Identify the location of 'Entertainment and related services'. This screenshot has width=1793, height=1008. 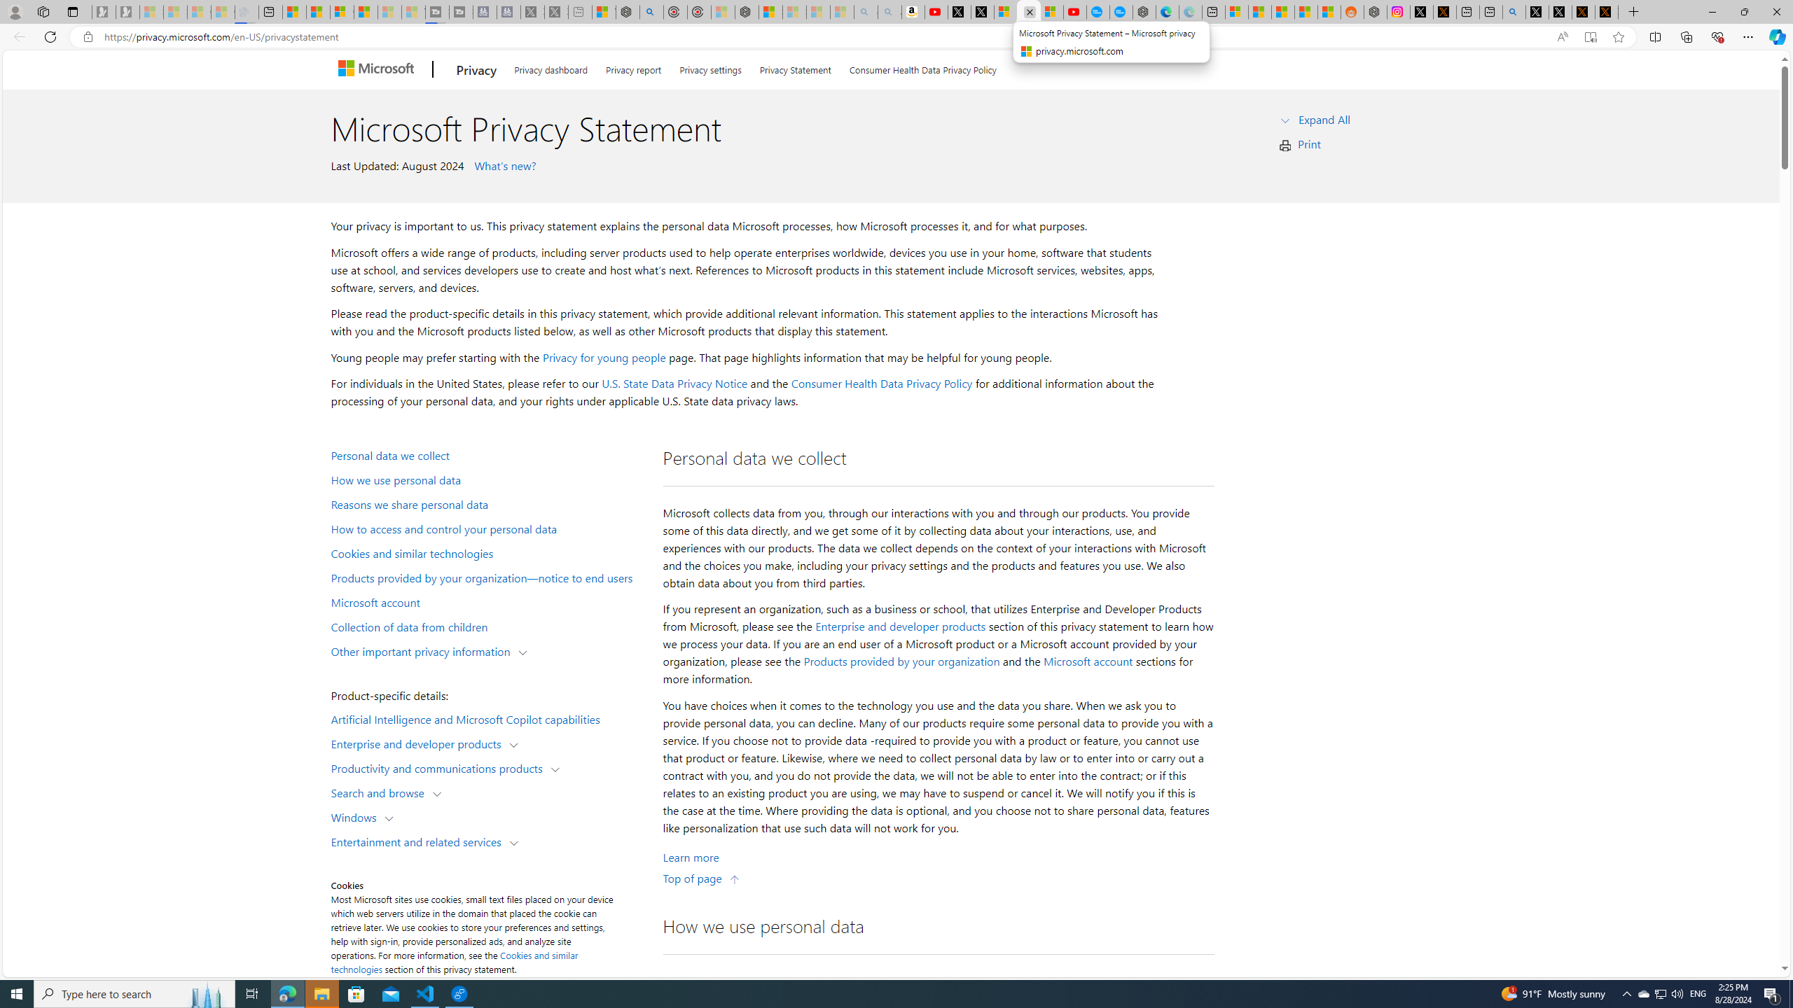
(420, 840).